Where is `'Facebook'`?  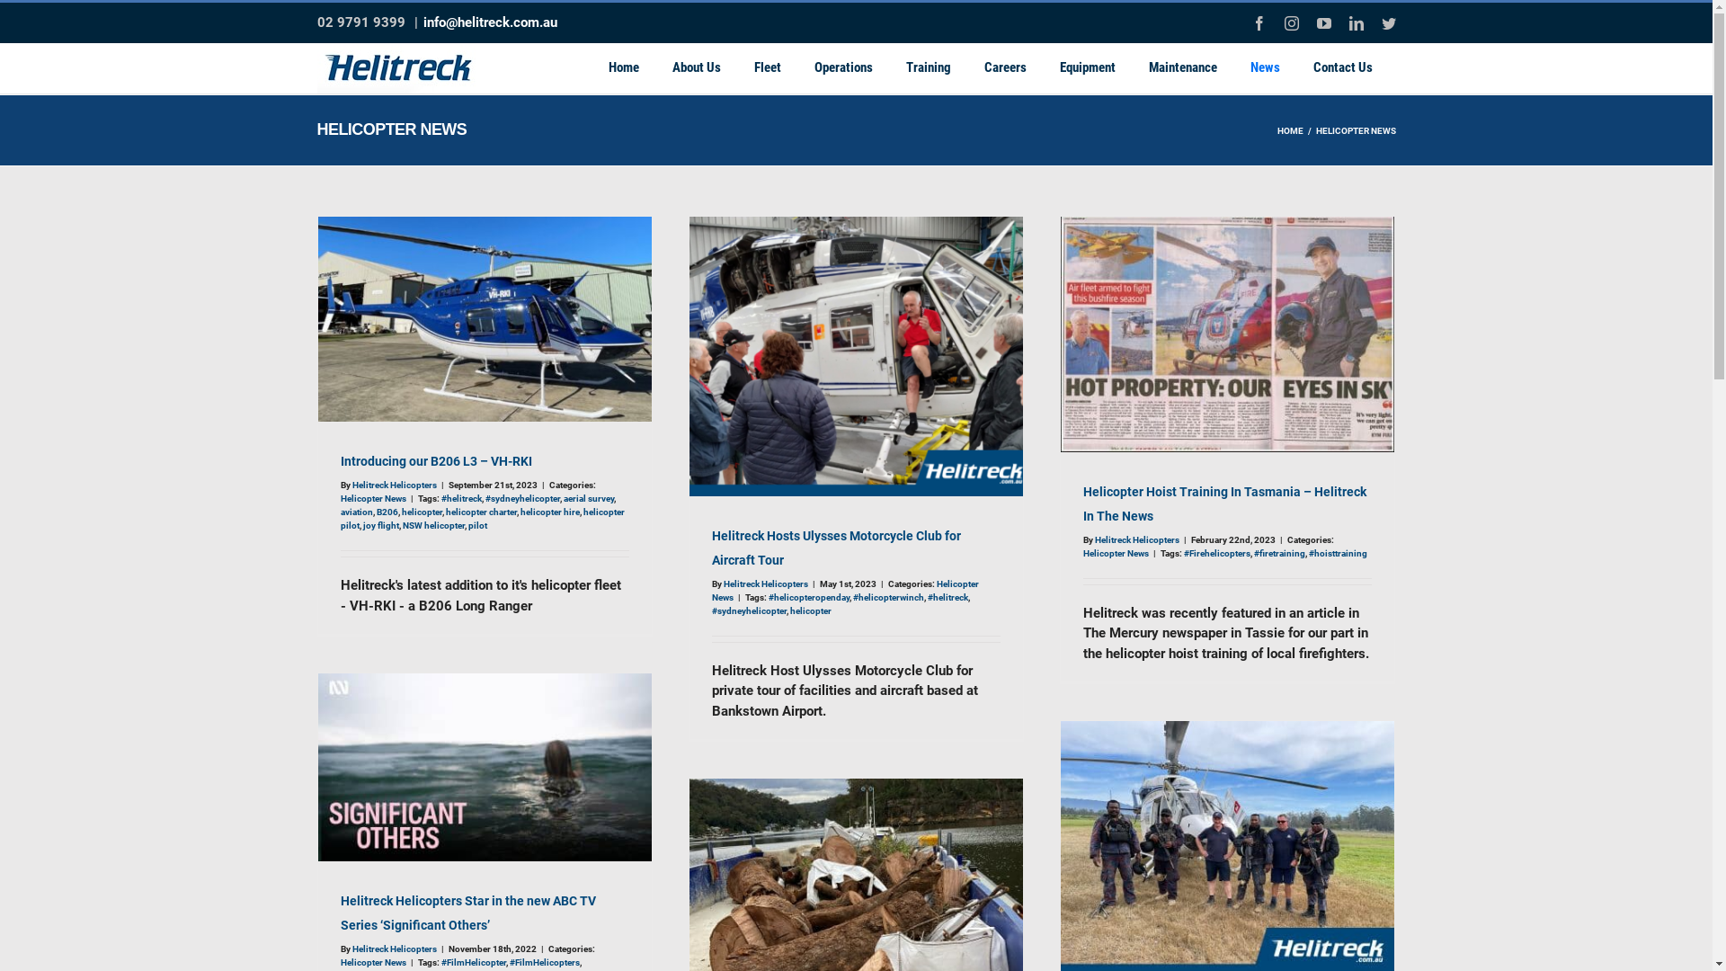
'Facebook' is located at coordinates (1258, 23).